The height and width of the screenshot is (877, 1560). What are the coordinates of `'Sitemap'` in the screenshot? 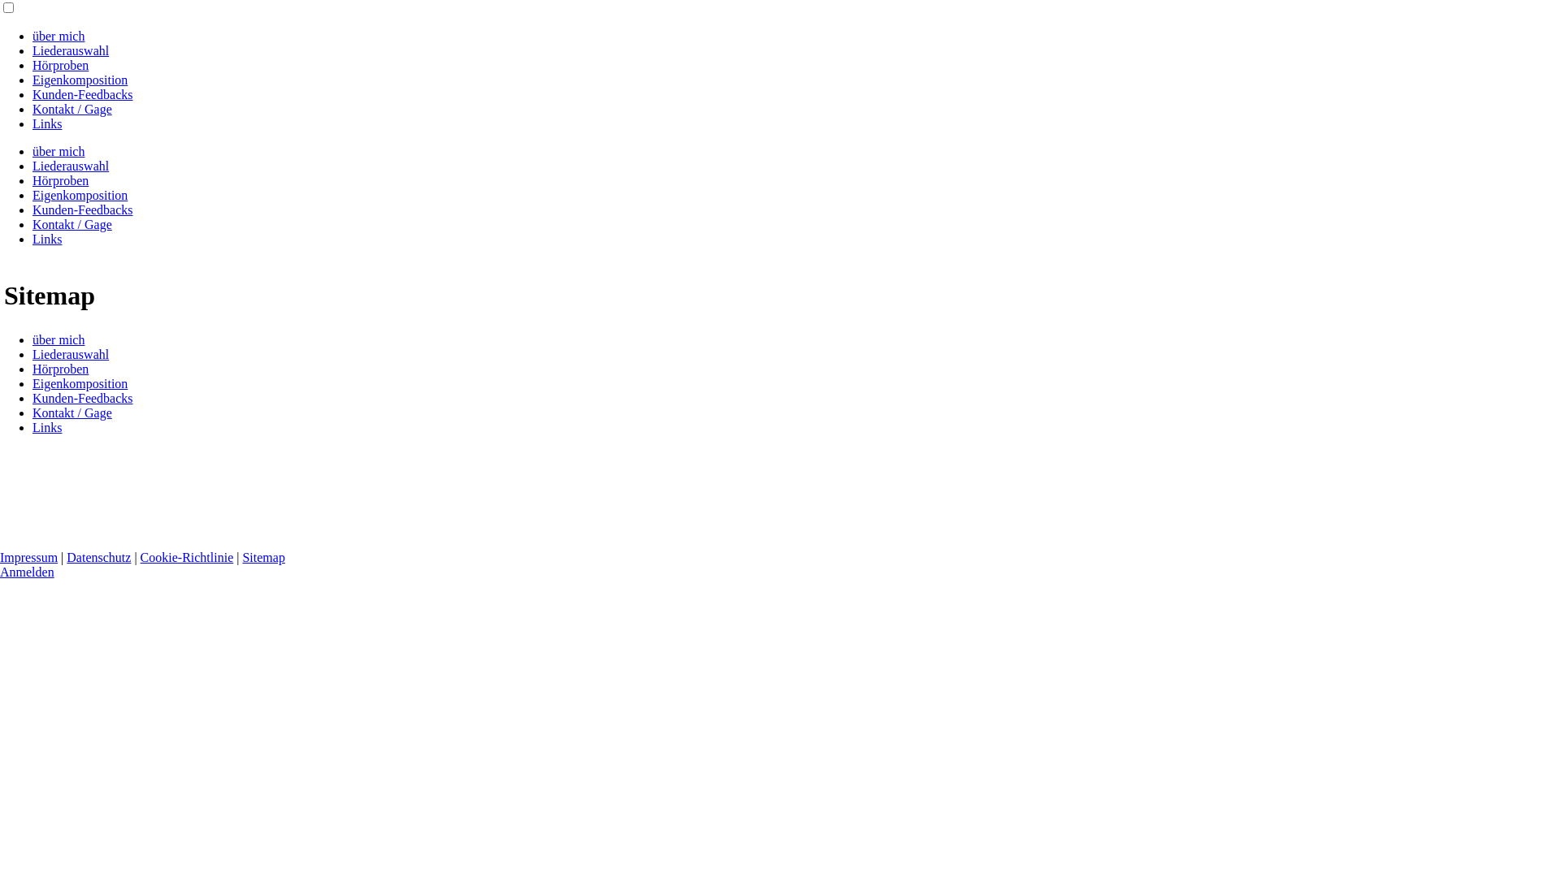 It's located at (240, 556).